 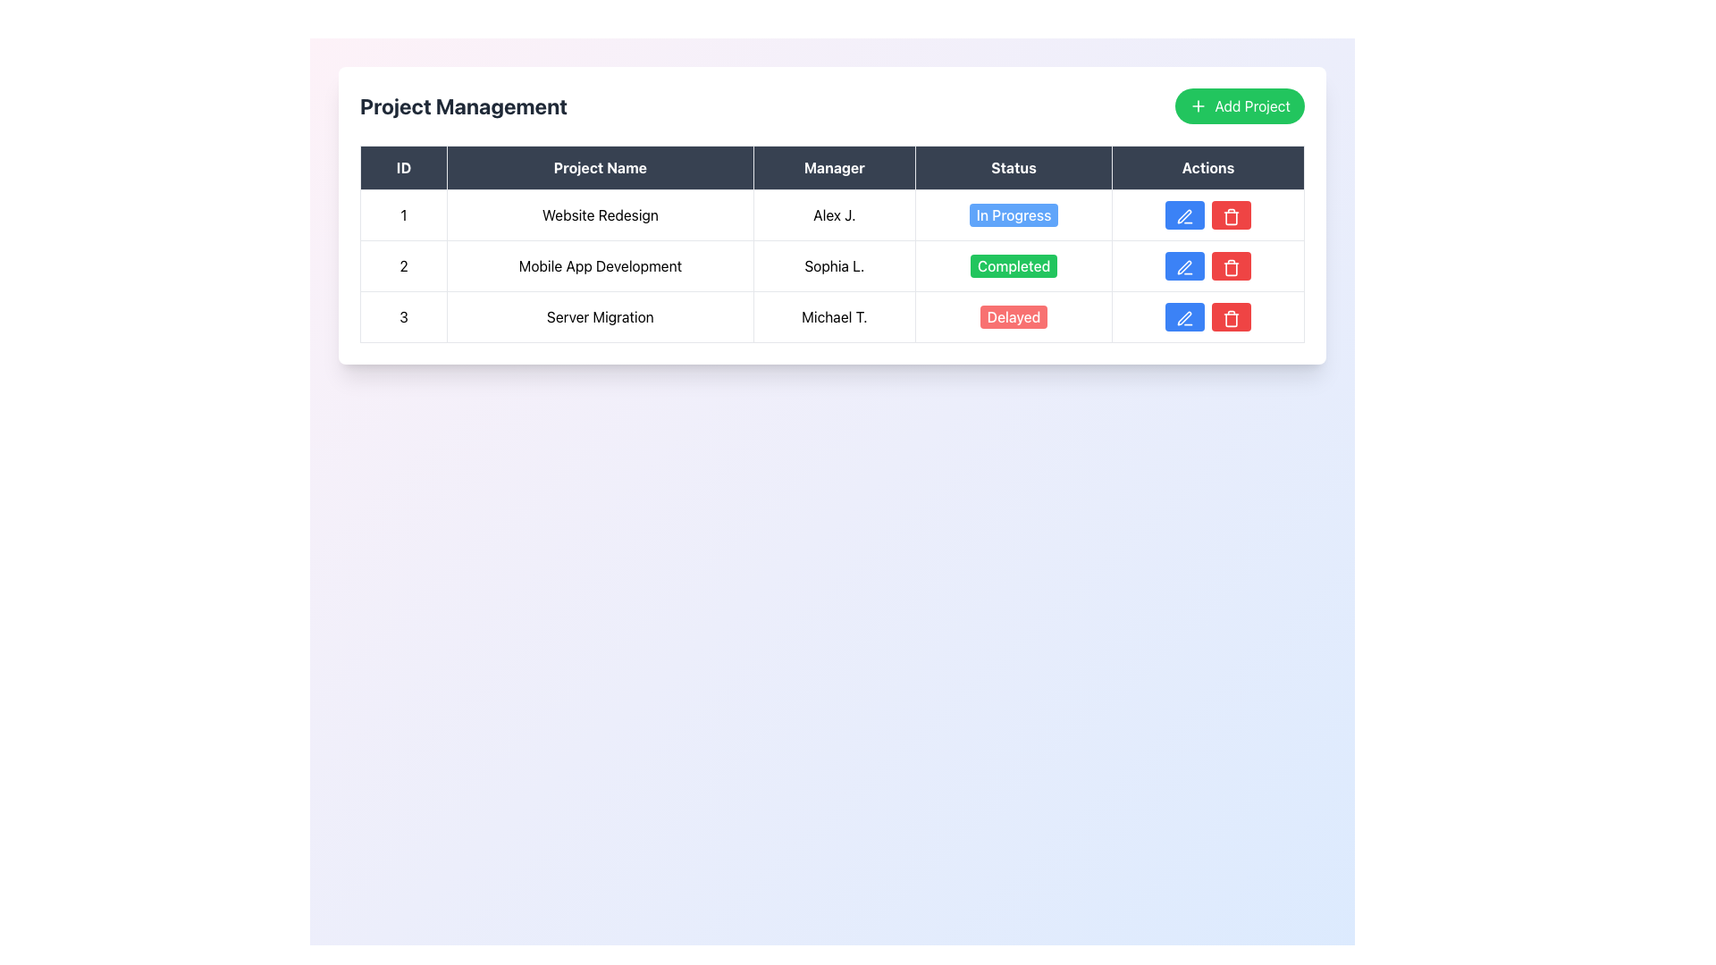 I want to click on the first row of the project management table that contains details about the project 'Website Redesign', including the ID, manager, status, and action buttons, so click(x=831, y=214).